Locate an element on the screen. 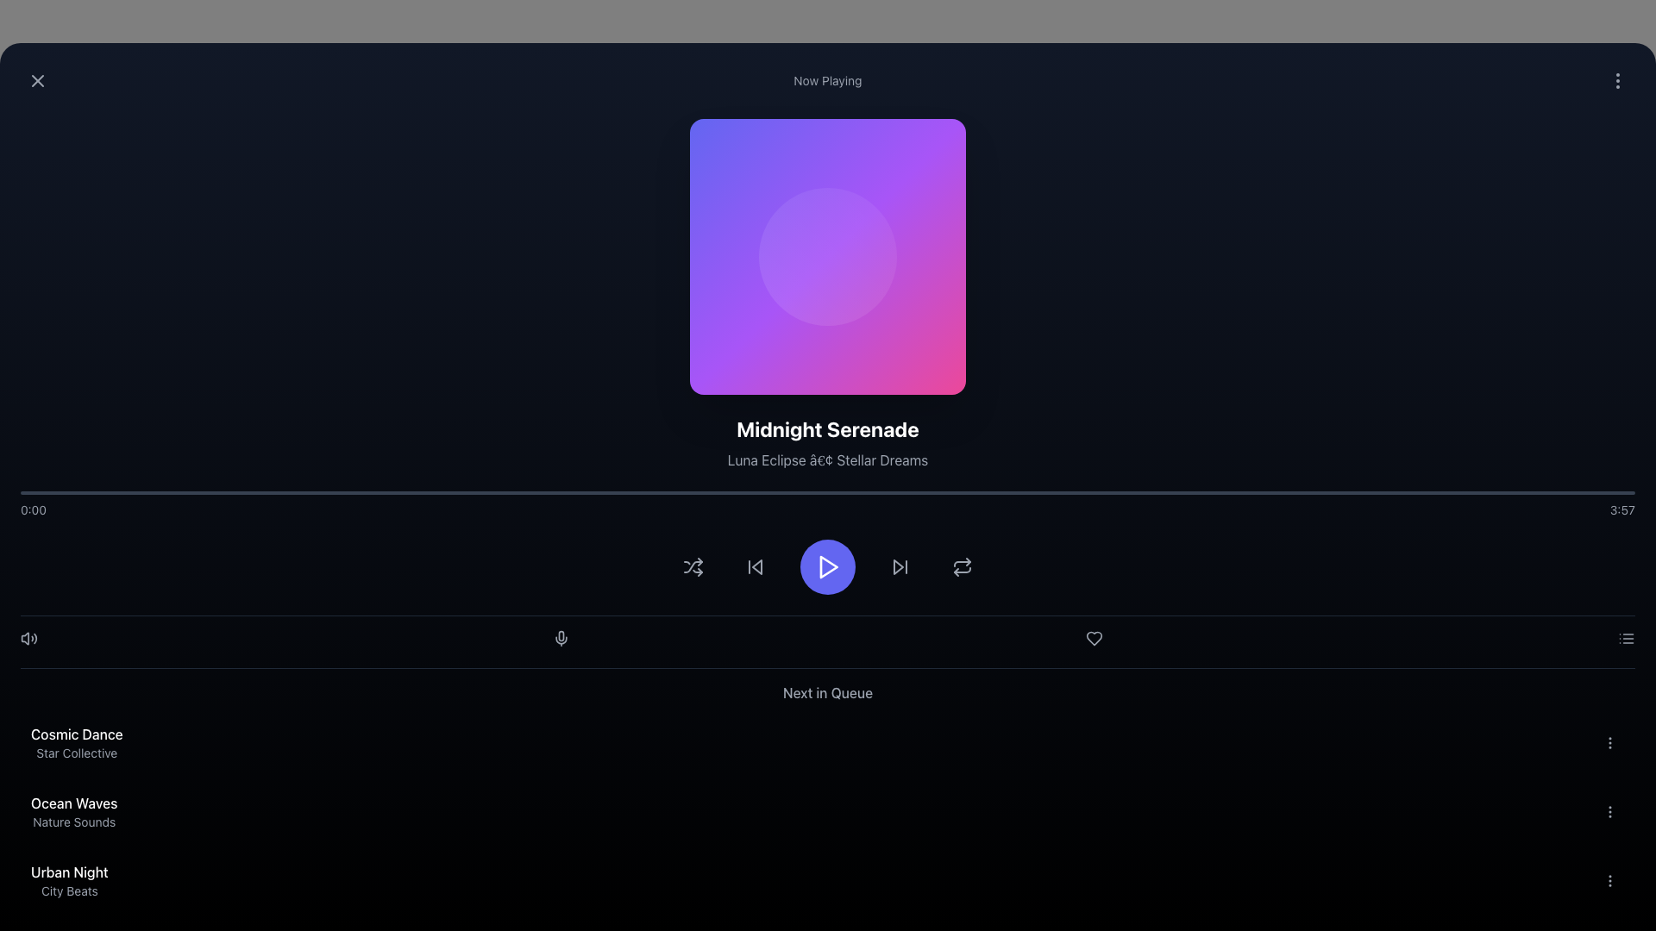 The width and height of the screenshot is (1656, 931). the microphone control icon button located in the middle section of the horizontal icon group at the bottom of the interface is located at coordinates (561, 638).